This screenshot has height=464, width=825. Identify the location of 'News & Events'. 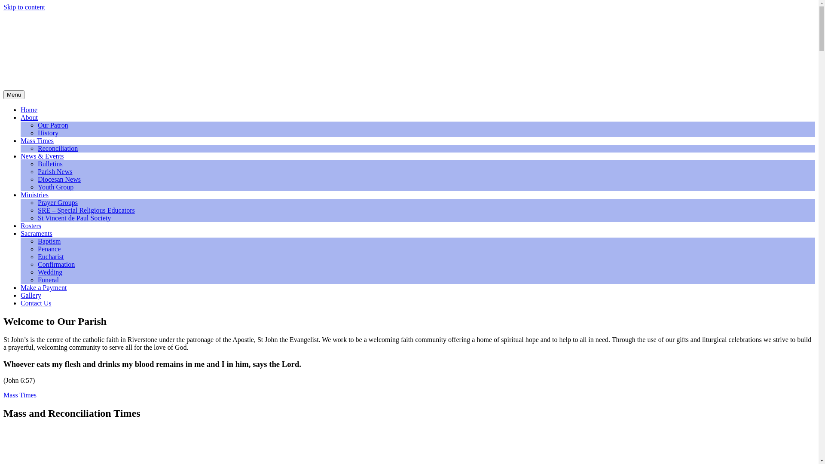
(41, 156).